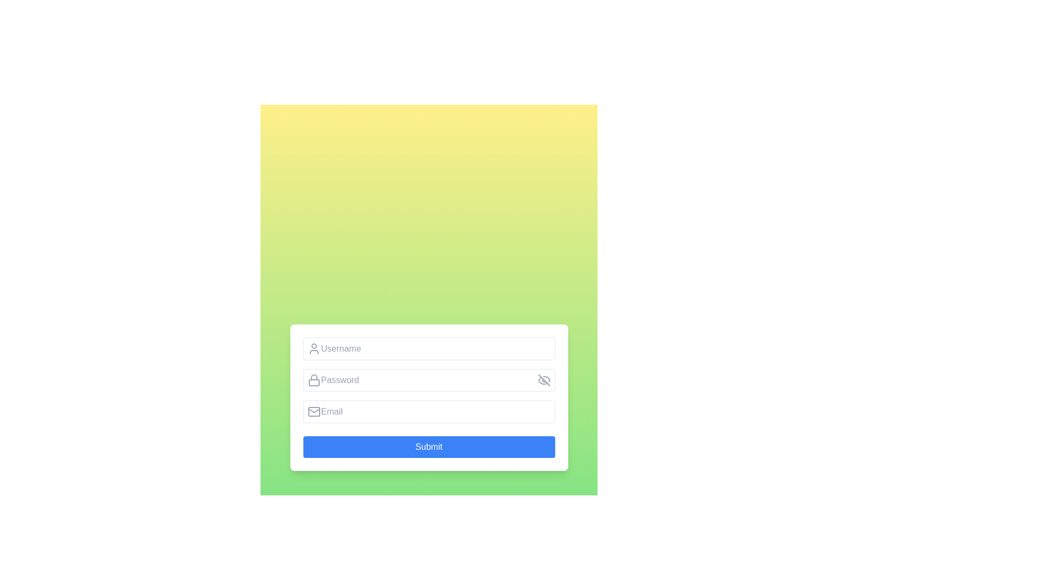  What do you see at coordinates (428, 349) in the screenshot?
I see `the username input field, which is the first field in a vertical list located in the upper part of the form, to focus the input field` at bounding box center [428, 349].